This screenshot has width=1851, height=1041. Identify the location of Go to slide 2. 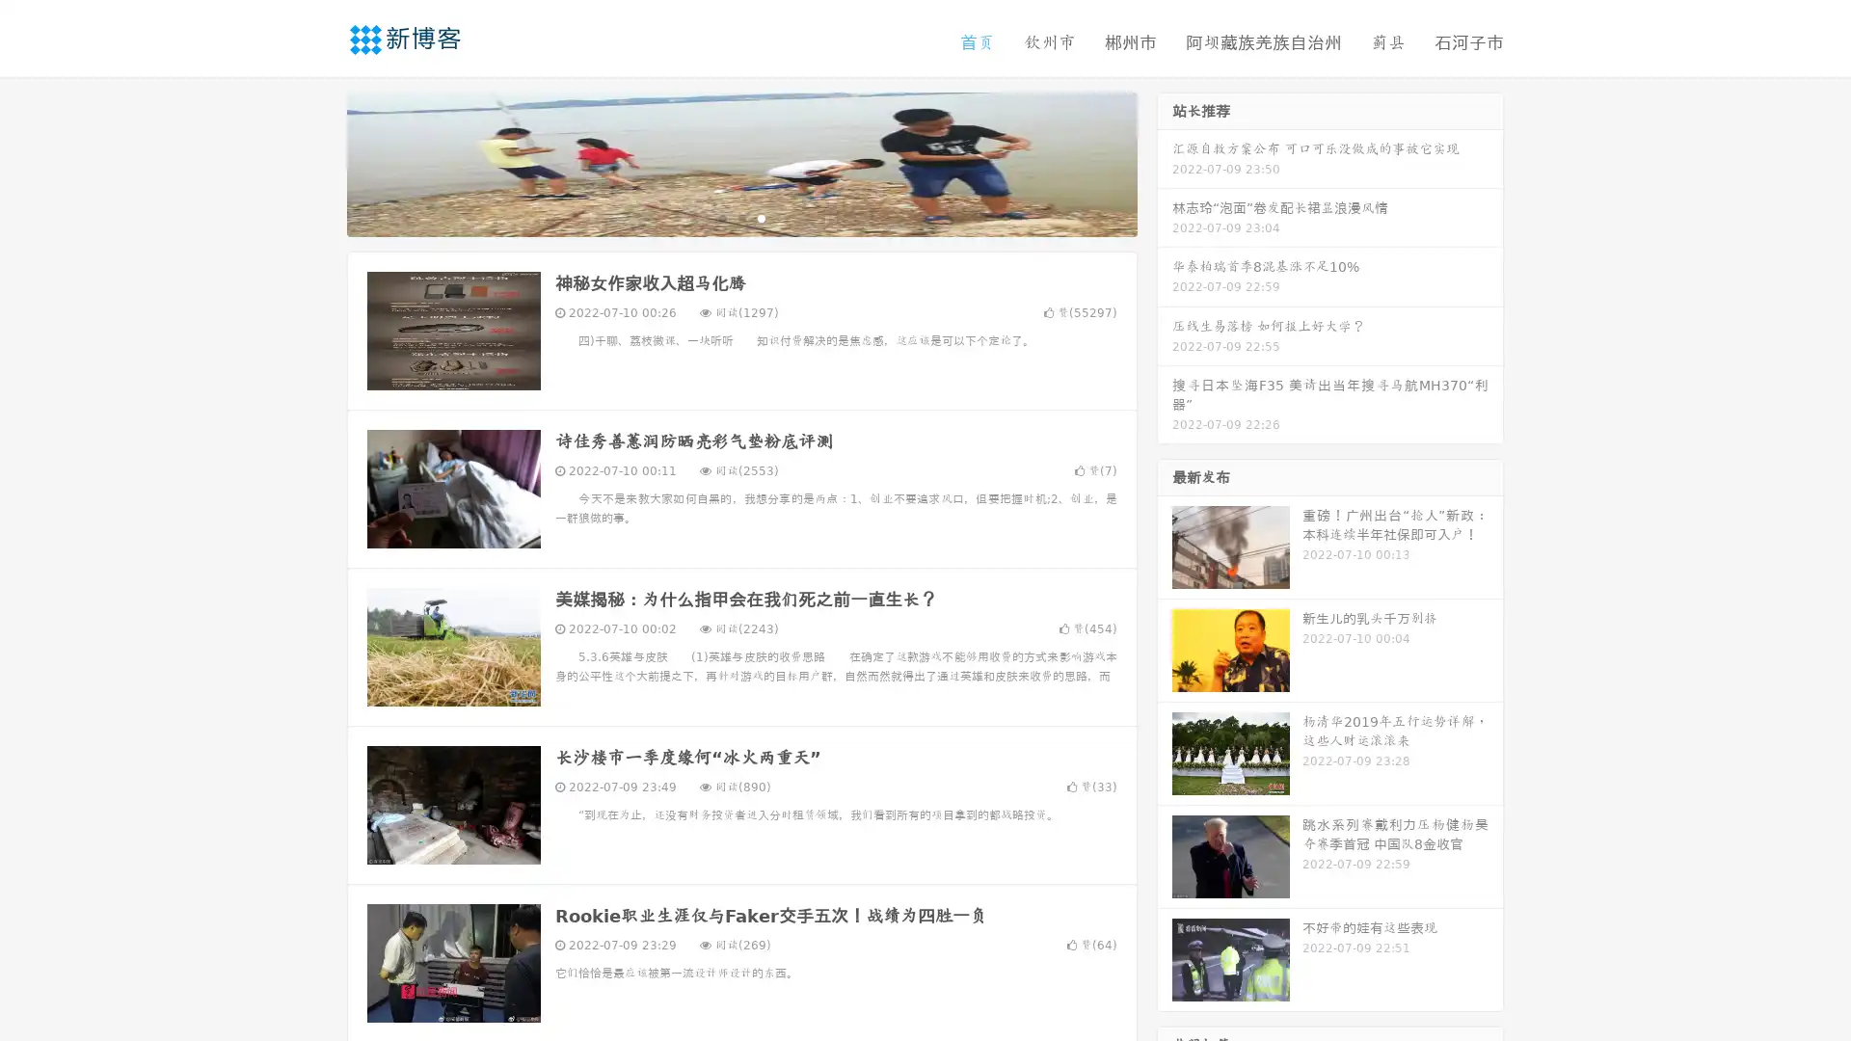
(740, 217).